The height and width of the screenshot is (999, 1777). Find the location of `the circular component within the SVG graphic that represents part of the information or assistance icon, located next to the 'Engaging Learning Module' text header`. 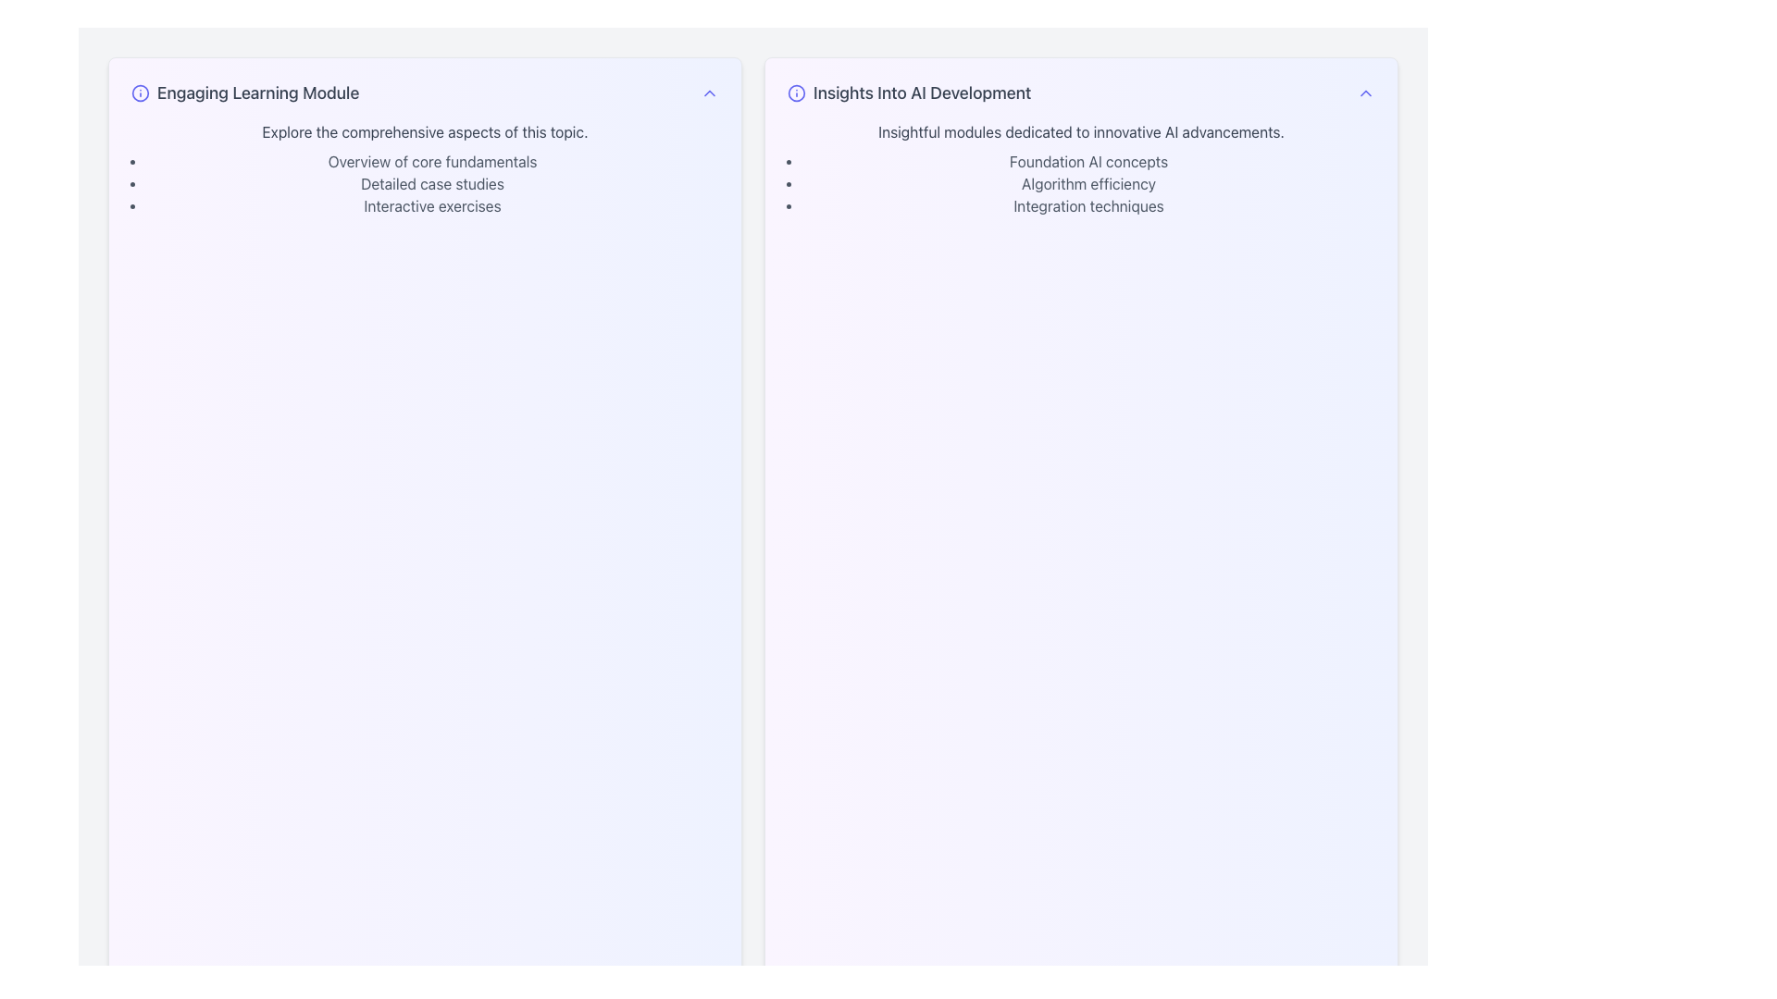

the circular component within the SVG graphic that represents part of the information or assistance icon, located next to the 'Engaging Learning Module' text header is located at coordinates (796, 92).